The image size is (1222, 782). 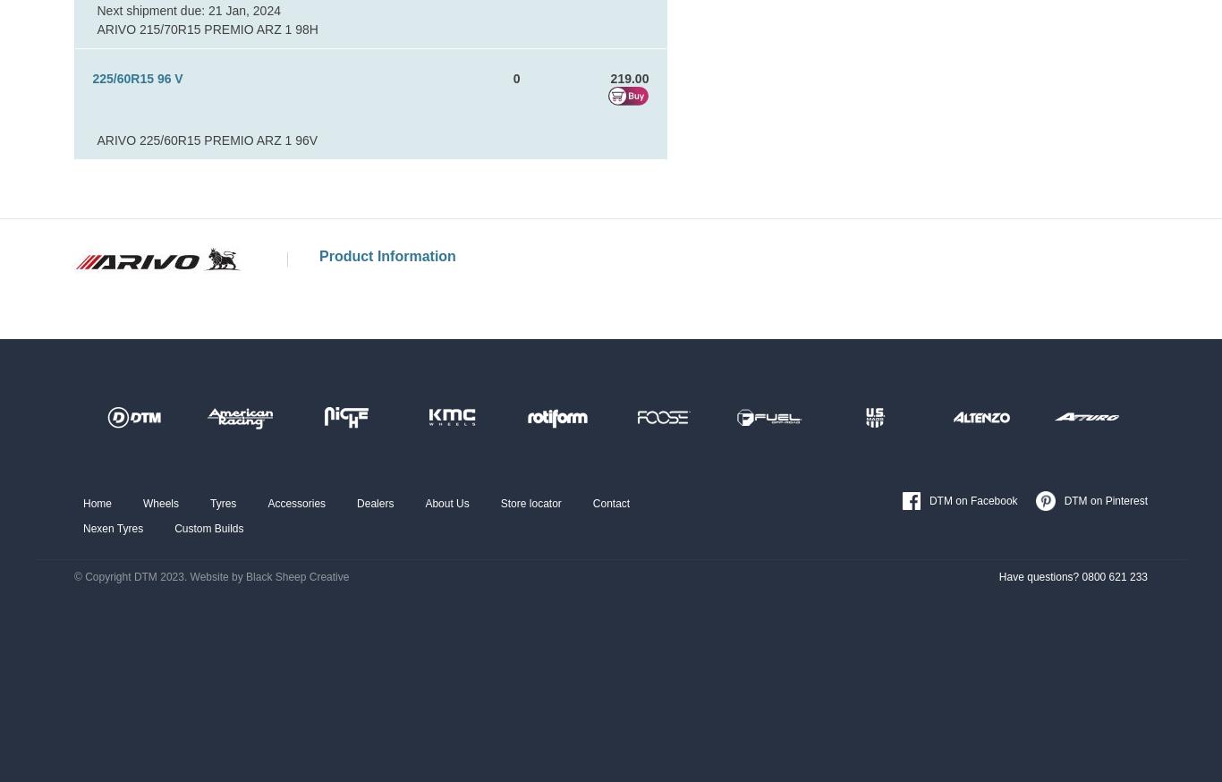 I want to click on 'DTM on Facebook', so click(x=972, y=500).